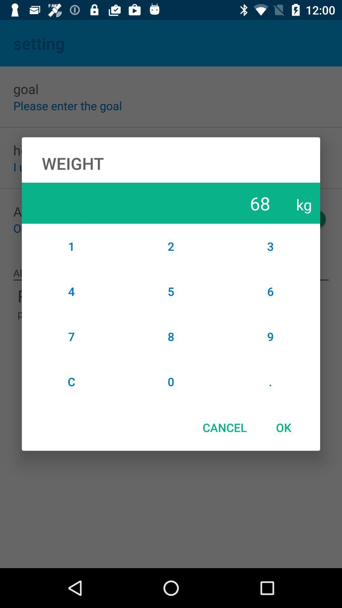 The image size is (342, 608). I want to click on the icon to the left of 8 icon, so click(71, 381).